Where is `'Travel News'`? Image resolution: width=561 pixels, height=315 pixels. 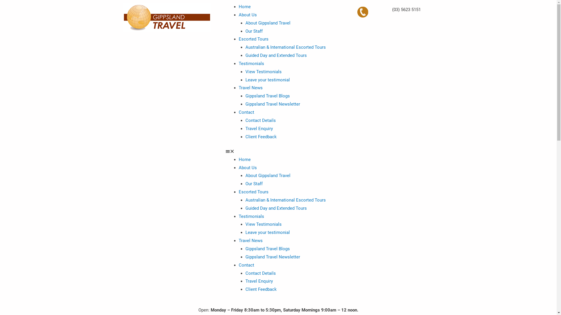 'Travel News' is located at coordinates (238, 241).